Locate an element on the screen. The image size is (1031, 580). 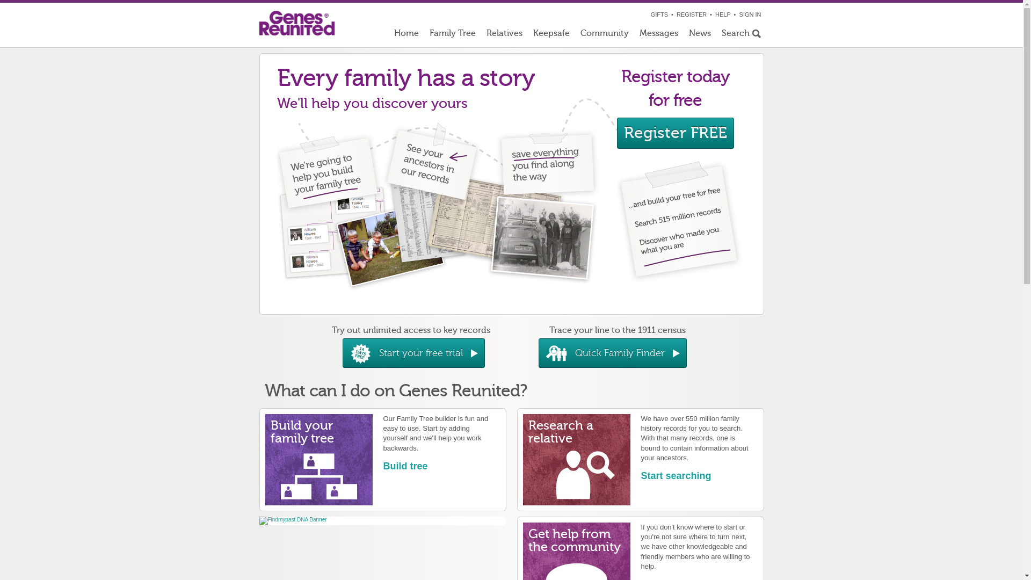
'News' is located at coordinates (699, 35).